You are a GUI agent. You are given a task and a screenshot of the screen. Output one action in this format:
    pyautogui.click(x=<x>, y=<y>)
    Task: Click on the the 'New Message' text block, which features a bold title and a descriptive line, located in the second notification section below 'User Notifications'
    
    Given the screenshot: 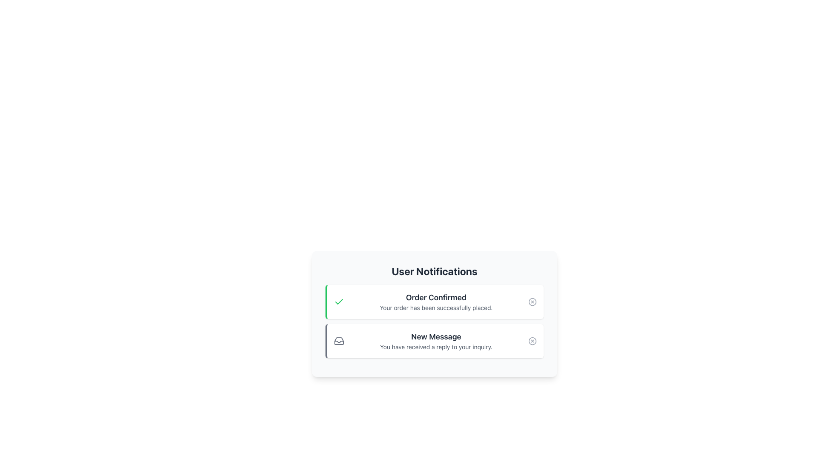 What is the action you would take?
    pyautogui.click(x=436, y=341)
    